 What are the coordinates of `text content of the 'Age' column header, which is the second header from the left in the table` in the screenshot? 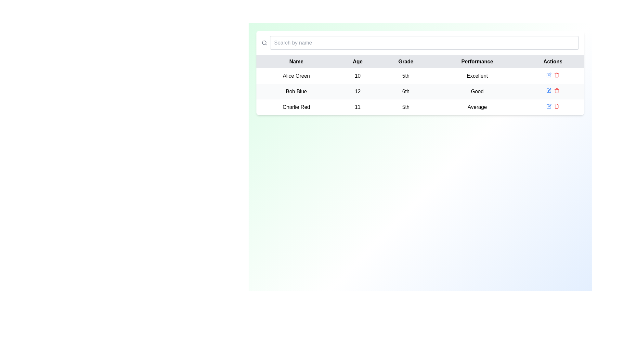 It's located at (357, 61).